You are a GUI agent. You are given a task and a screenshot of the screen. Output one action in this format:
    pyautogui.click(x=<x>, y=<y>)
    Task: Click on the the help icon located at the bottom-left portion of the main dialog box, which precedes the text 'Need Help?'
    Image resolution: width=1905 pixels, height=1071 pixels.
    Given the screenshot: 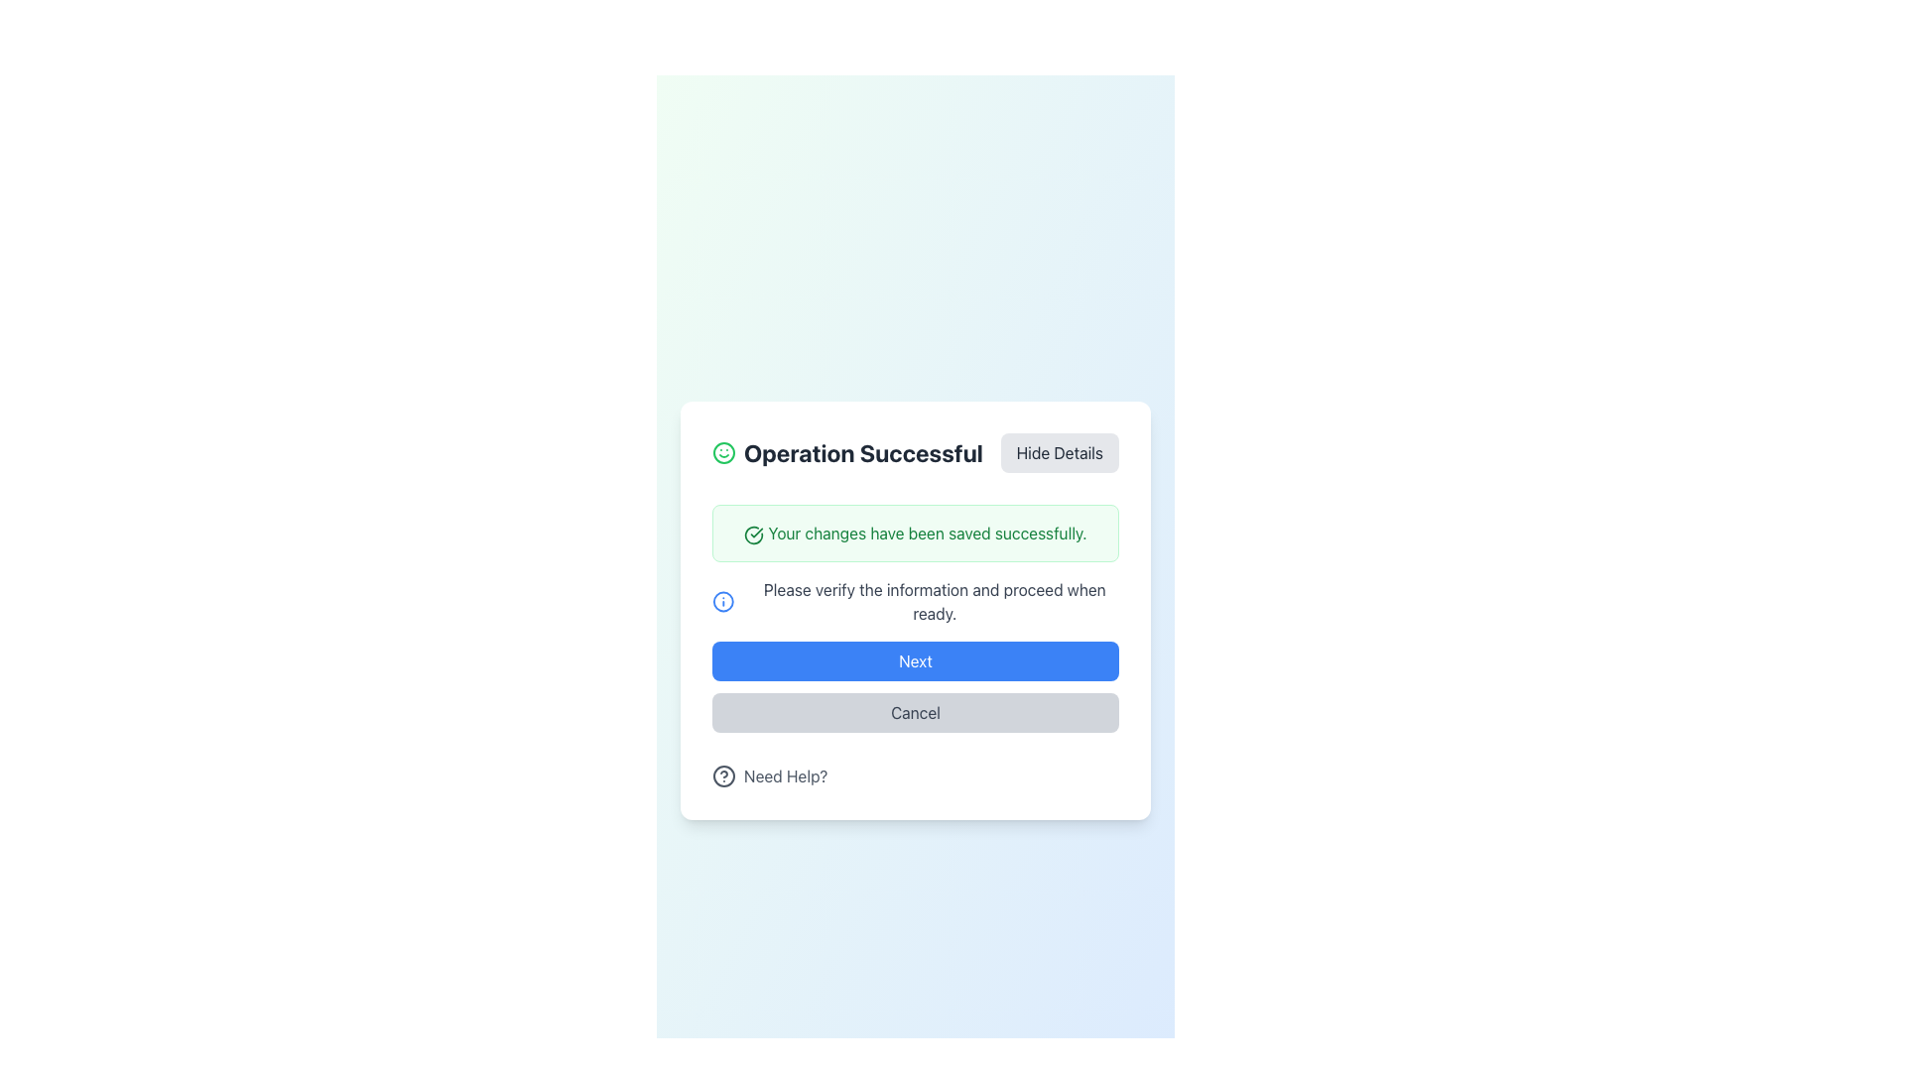 What is the action you would take?
    pyautogui.click(x=722, y=775)
    